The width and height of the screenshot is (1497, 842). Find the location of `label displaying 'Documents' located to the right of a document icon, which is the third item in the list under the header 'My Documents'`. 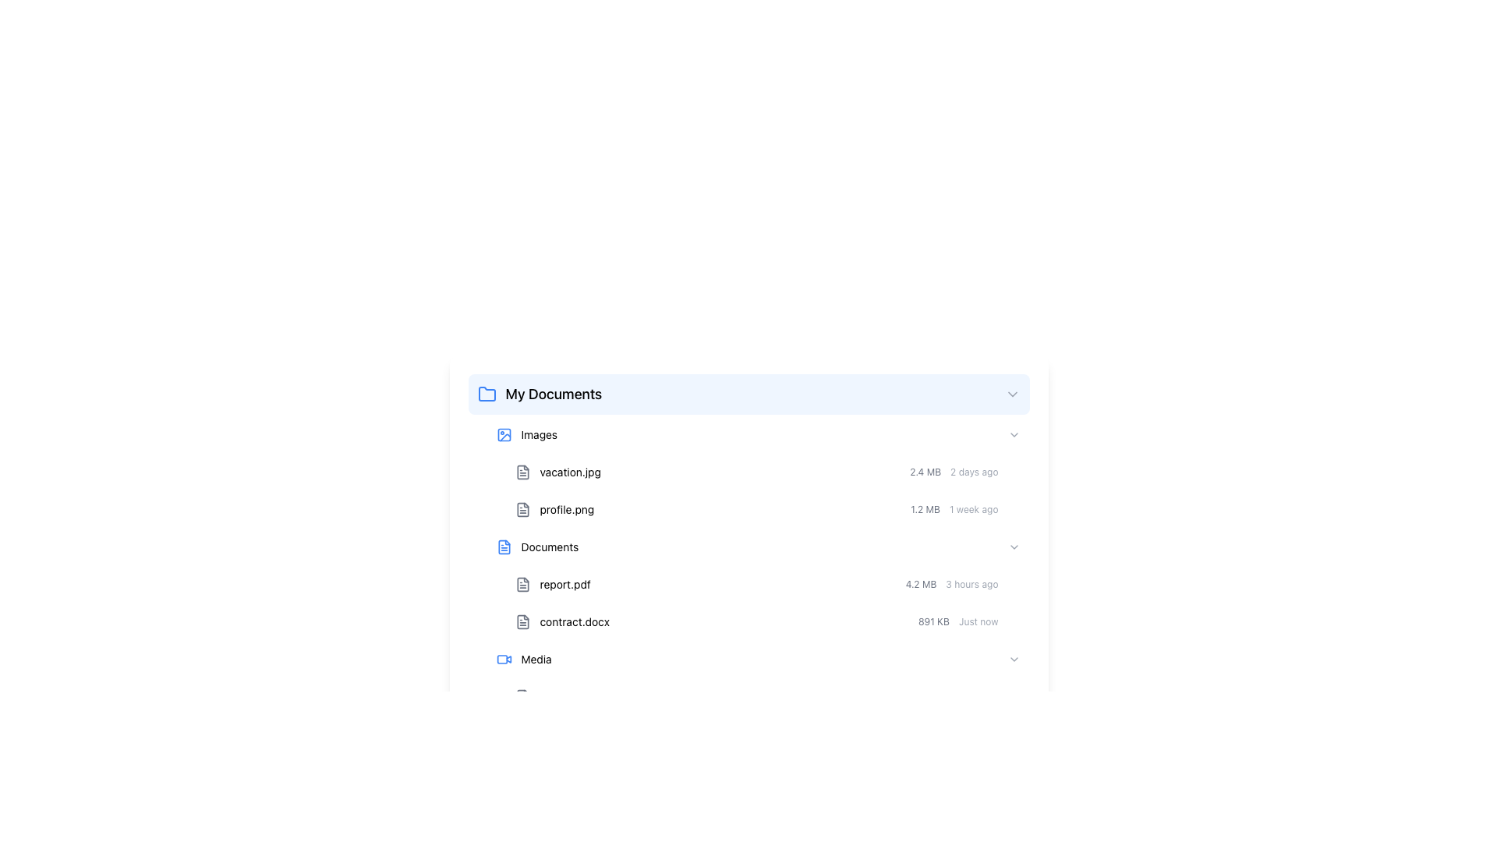

label displaying 'Documents' located to the right of a document icon, which is the third item in the list under the header 'My Documents' is located at coordinates (550, 547).